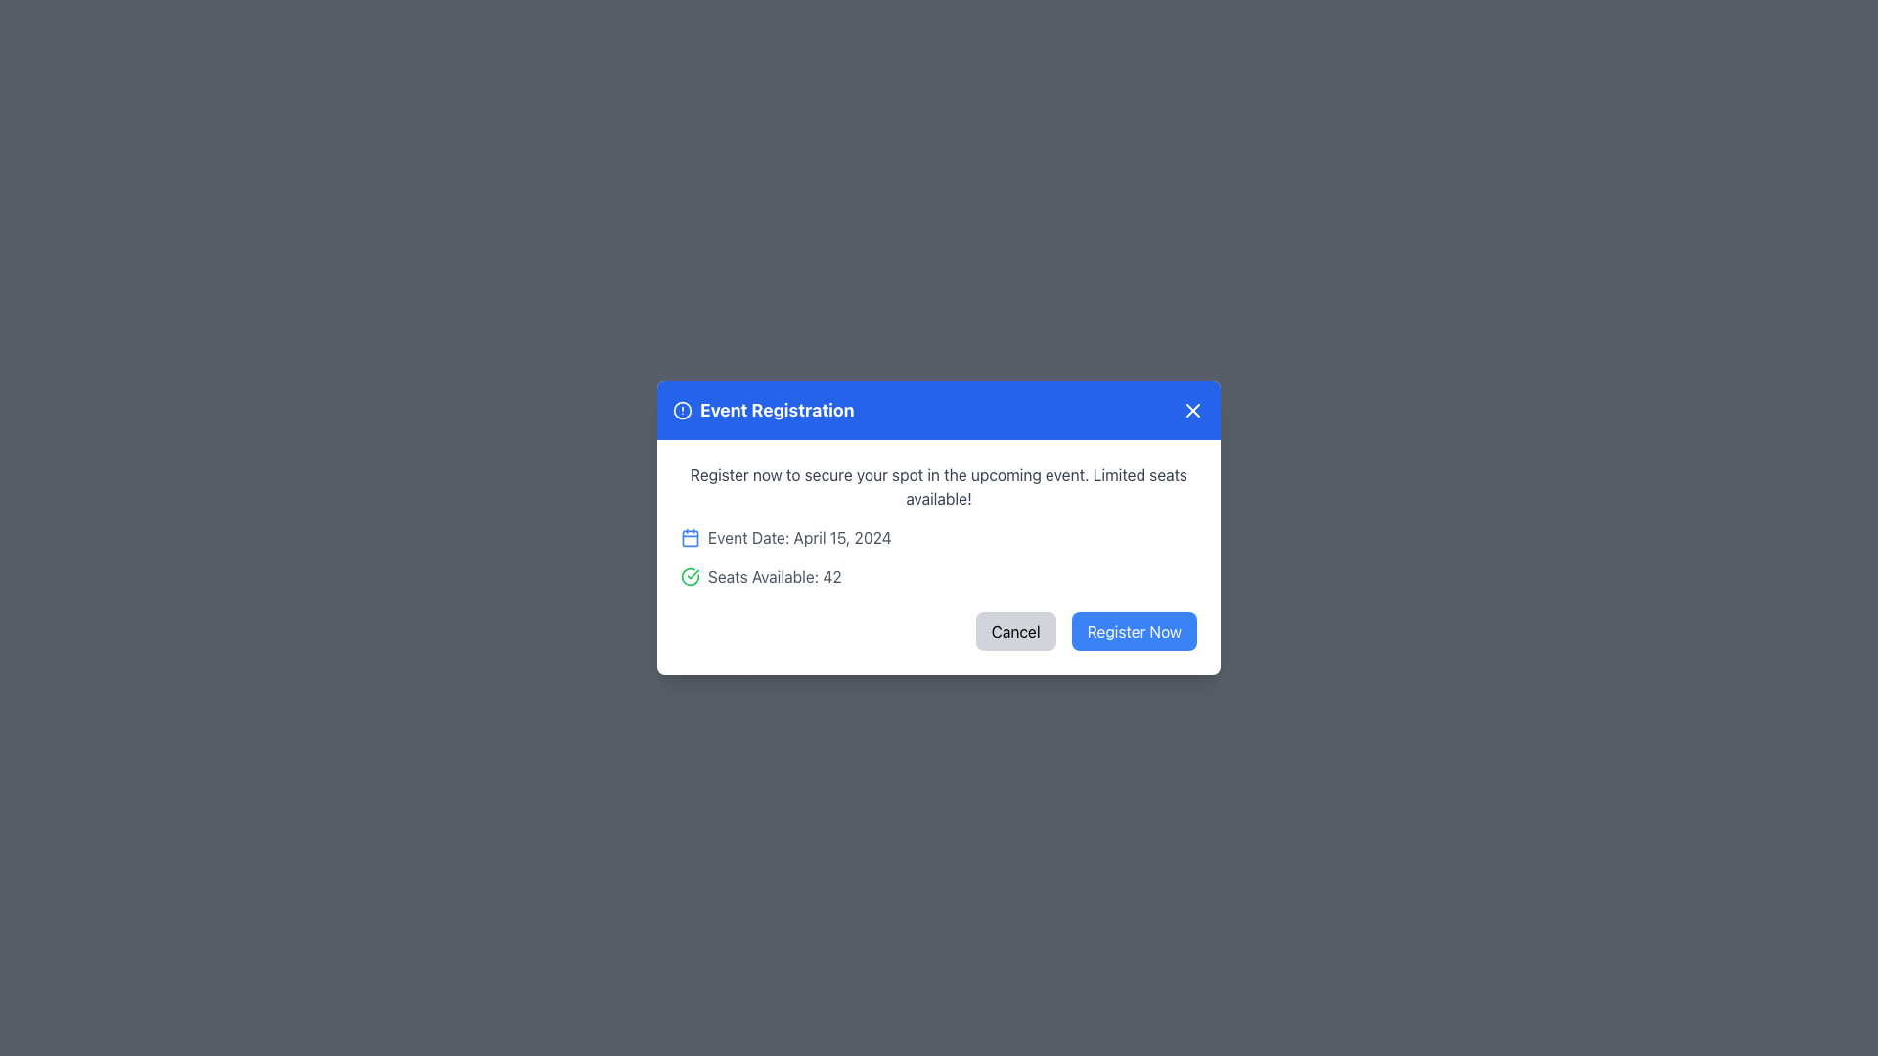  I want to click on the close button (X icon) located in the top-right corner of the 'Event Registration' header bar, so click(1191, 410).